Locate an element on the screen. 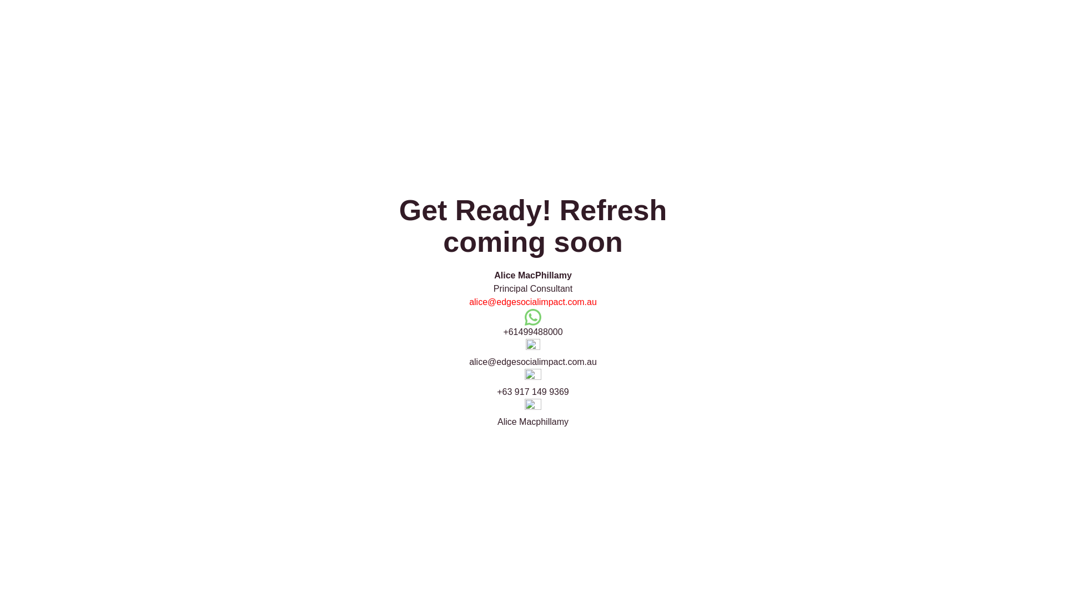 The width and height of the screenshot is (1066, 599). 'alice@edgesocialimpact.com.au' is located at coordinates (533, 302).